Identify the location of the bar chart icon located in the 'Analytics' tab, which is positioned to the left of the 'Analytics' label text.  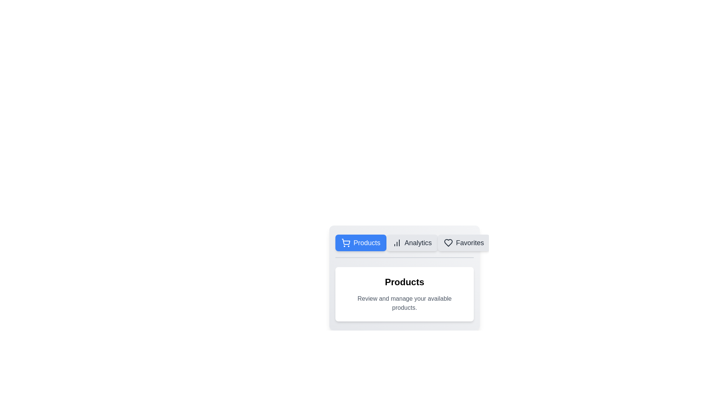
(397, 243).